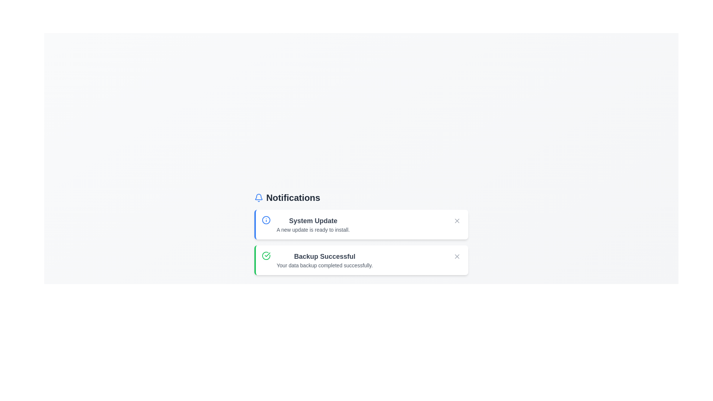 The width and height of the screenshot is (713, 401). Describe the element at coordinates (325, 256) in the screenshot. I see `text 'Backup Successful' displayed prominently in bold and large font within the notification card` at that location.